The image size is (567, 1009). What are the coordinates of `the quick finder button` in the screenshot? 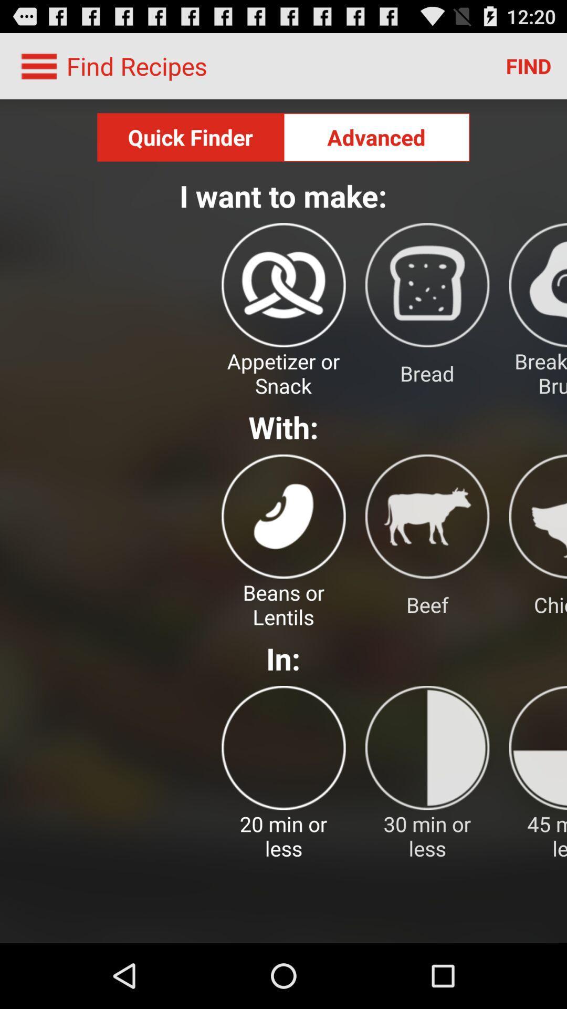 It's located at (190, 137).